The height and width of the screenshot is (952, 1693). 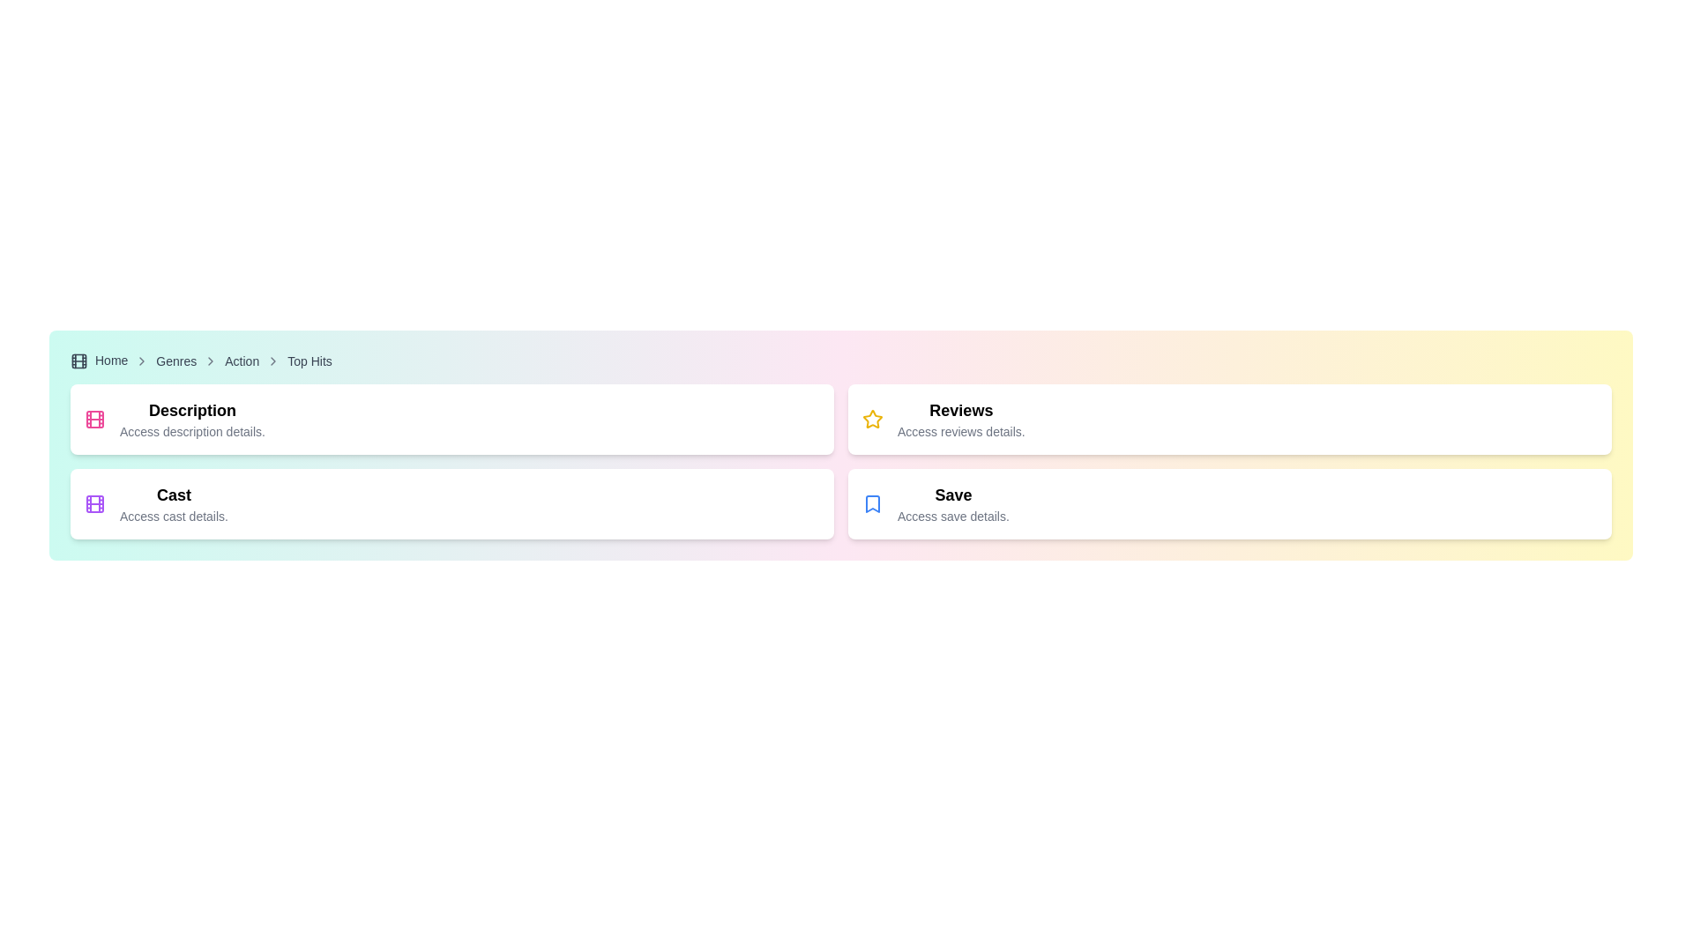 I want to click on the breadcrumb link labeled 'Action', so click(x=241, y=360).